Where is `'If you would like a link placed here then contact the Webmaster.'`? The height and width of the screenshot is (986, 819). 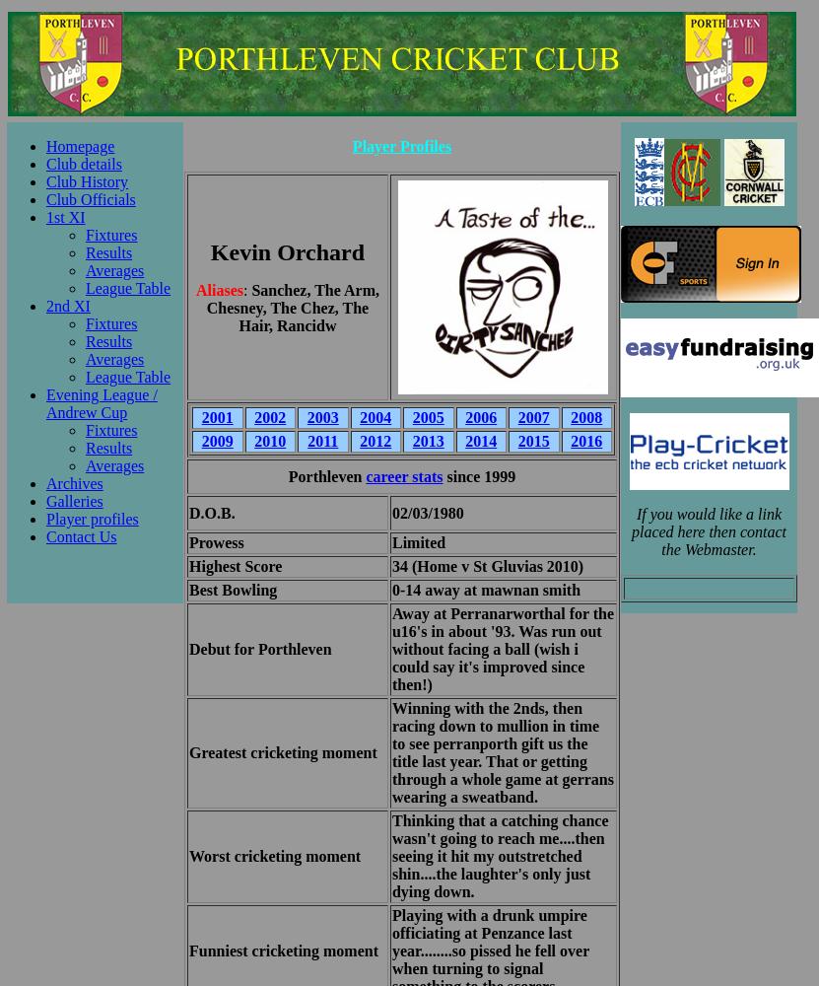 'If you would like a link placed here then contact the Webmaster.' is located at coordinates (707, 531).